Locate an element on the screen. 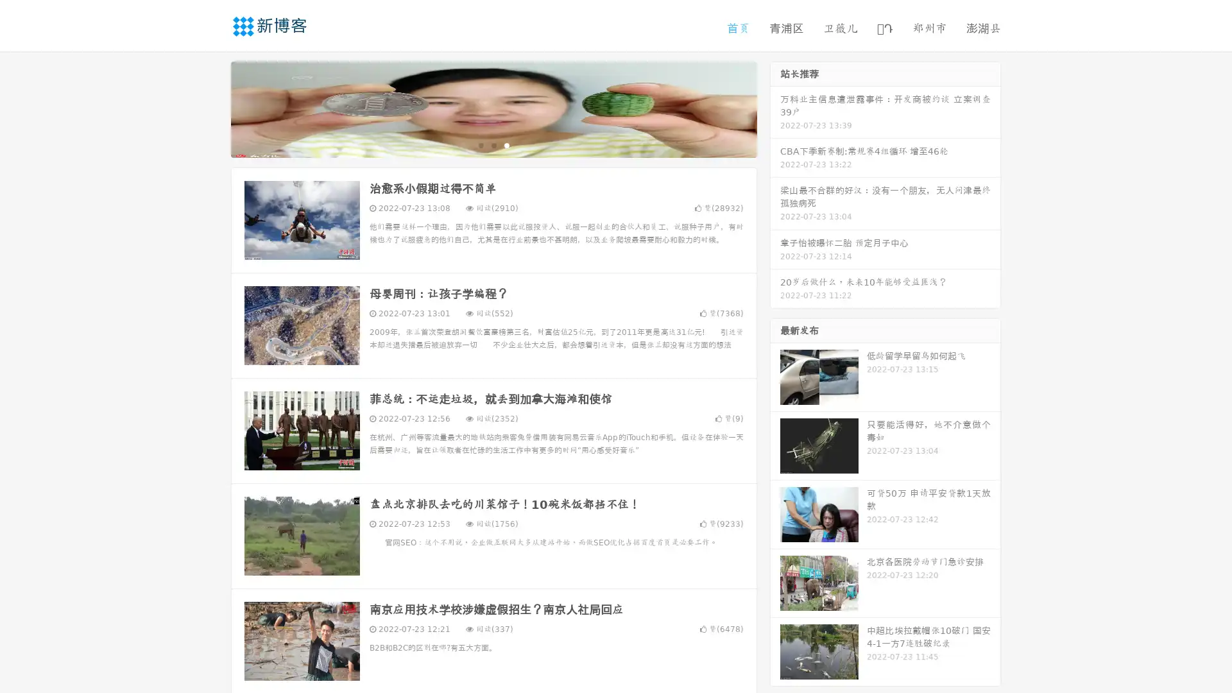 This screenshot has height=693, width=1232. Previous slide is located at coordinates (212, 108).